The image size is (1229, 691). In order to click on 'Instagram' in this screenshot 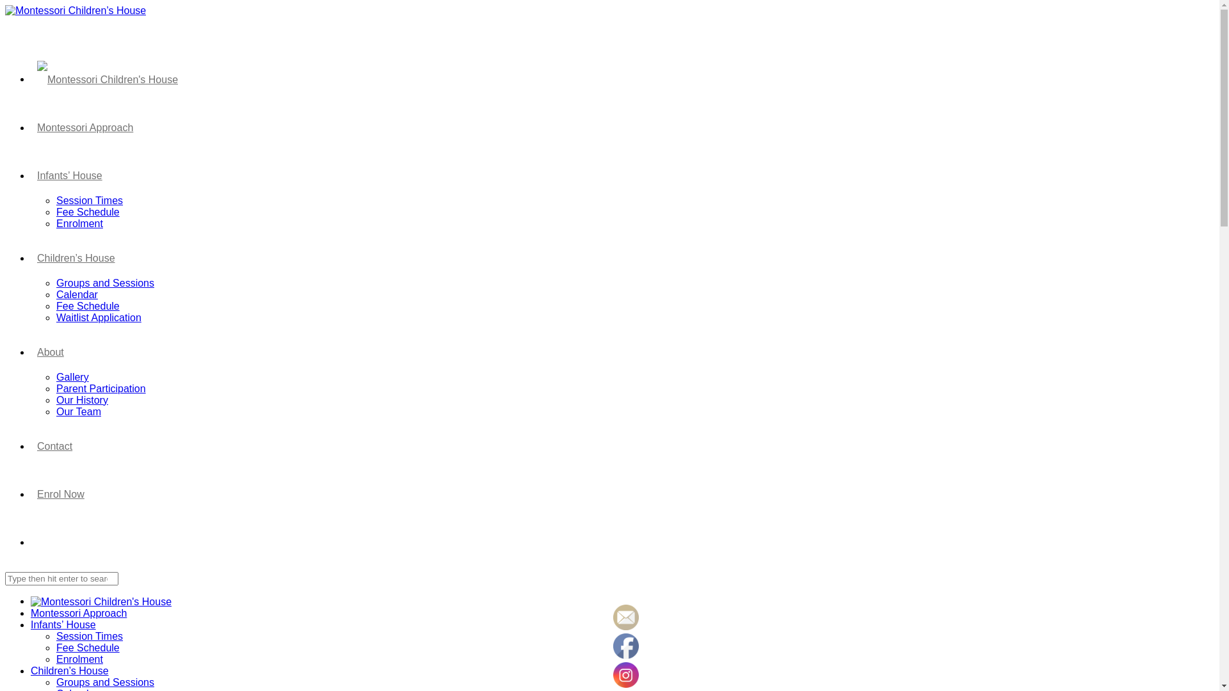, I will do `click(626, 674)`.